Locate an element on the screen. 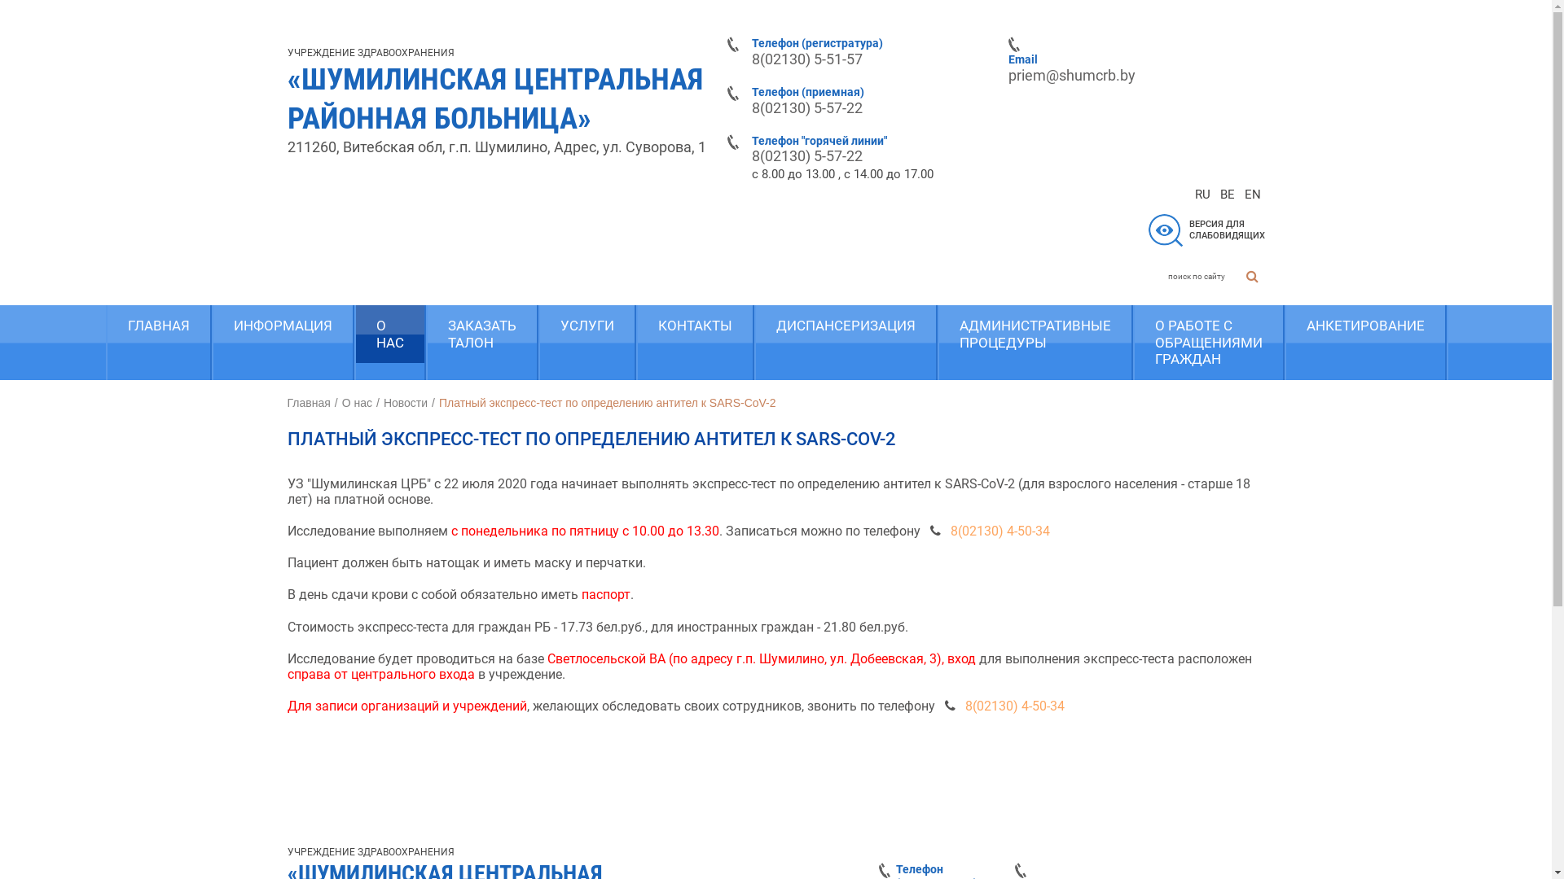 The height and width of the screenshot is (879, 1564). '8(02130) 5-57-22' is located at coordinates (806, 155).